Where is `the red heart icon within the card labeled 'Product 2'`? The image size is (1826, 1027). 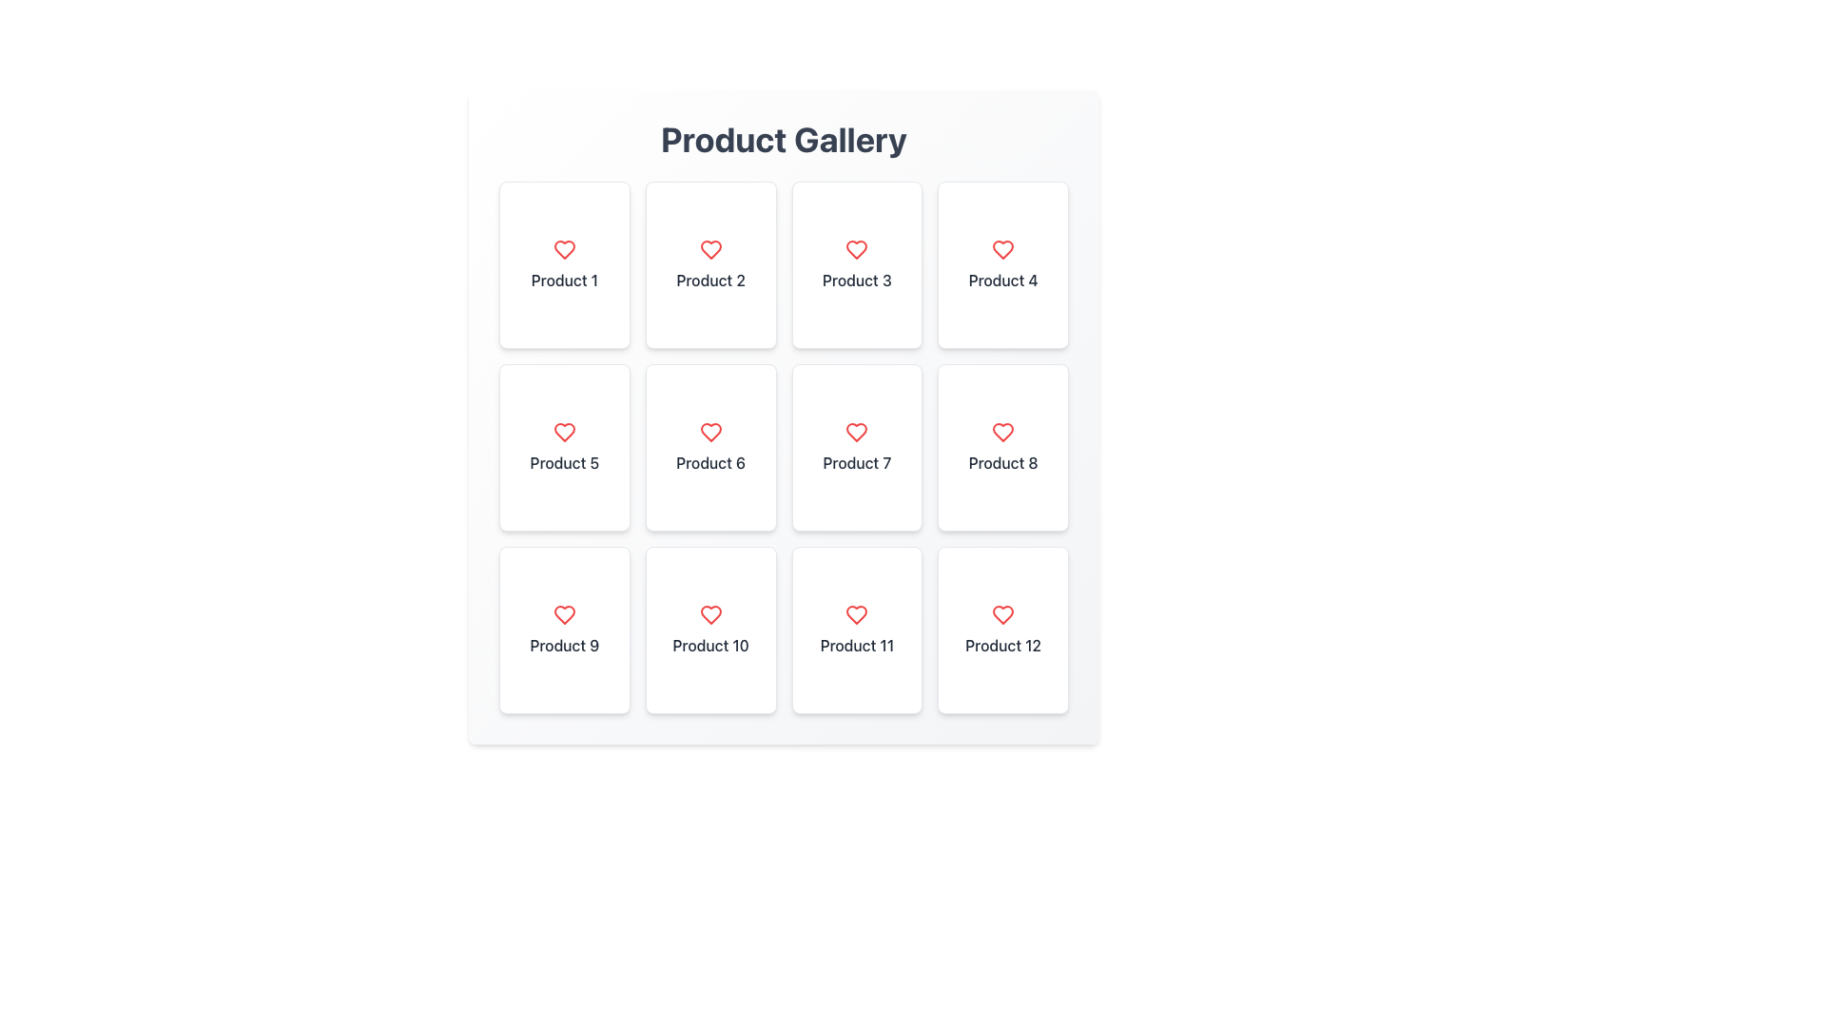 the red heart icon within the card labeled 'Product 2' is located at coordinates (709, 248).